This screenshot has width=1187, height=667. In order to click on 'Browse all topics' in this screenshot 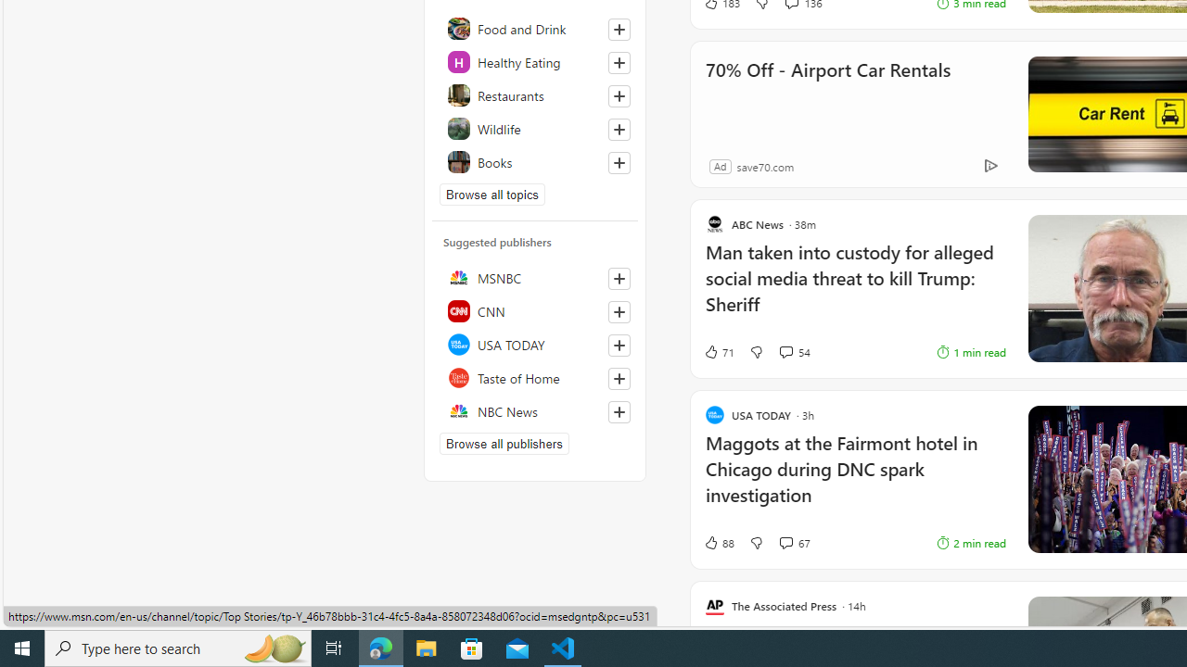, I will do `click(492, 194)`.